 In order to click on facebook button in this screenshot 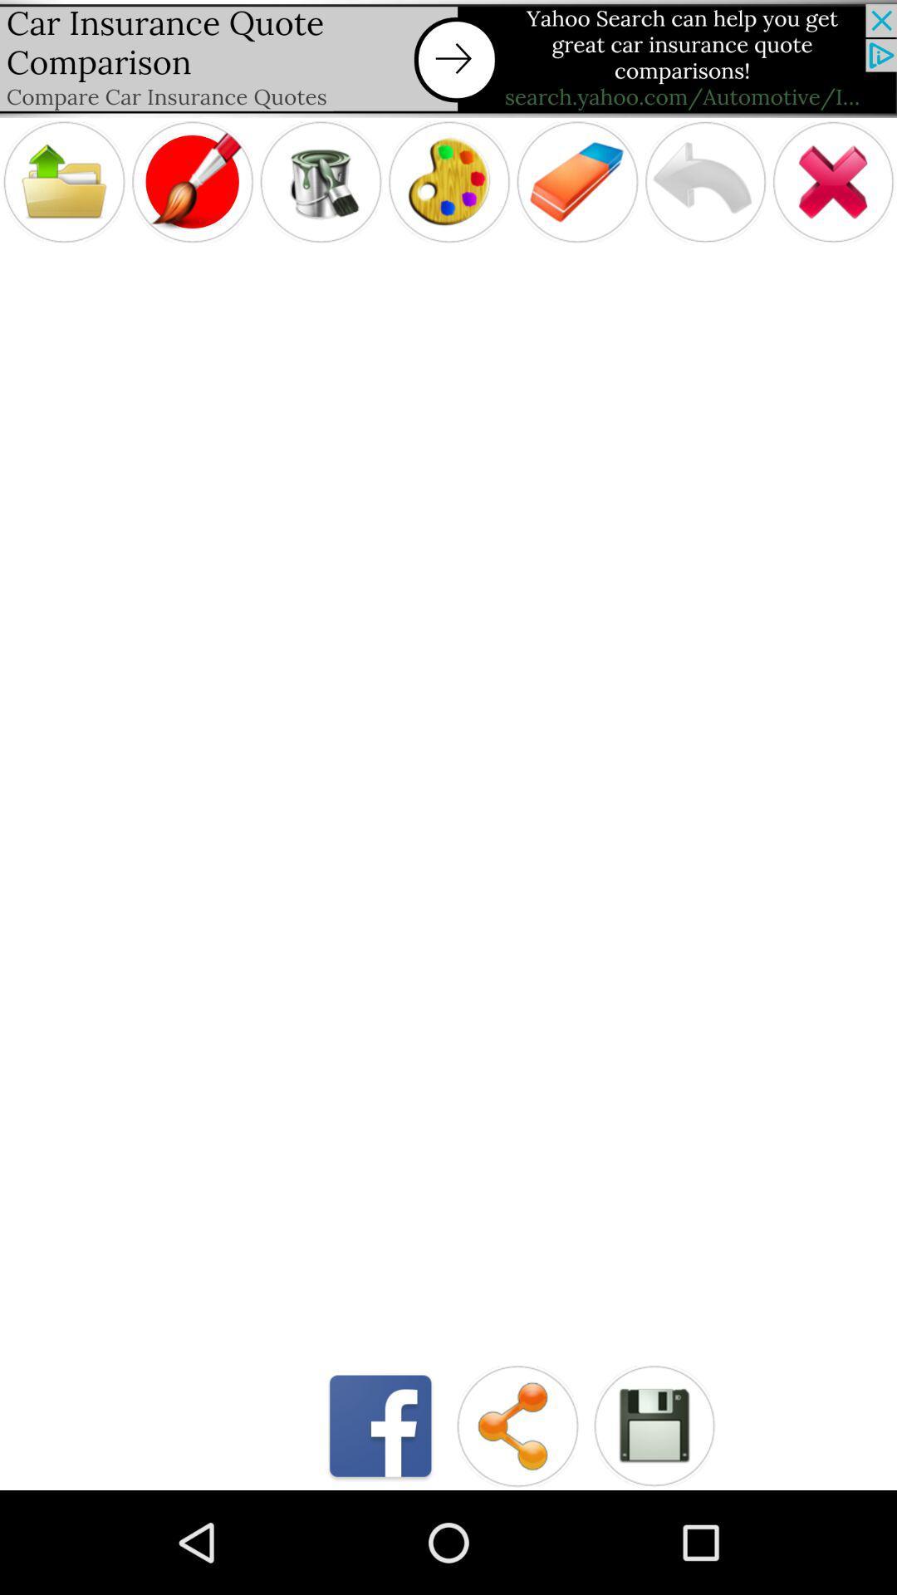, I will do `click(380, 1425)`.